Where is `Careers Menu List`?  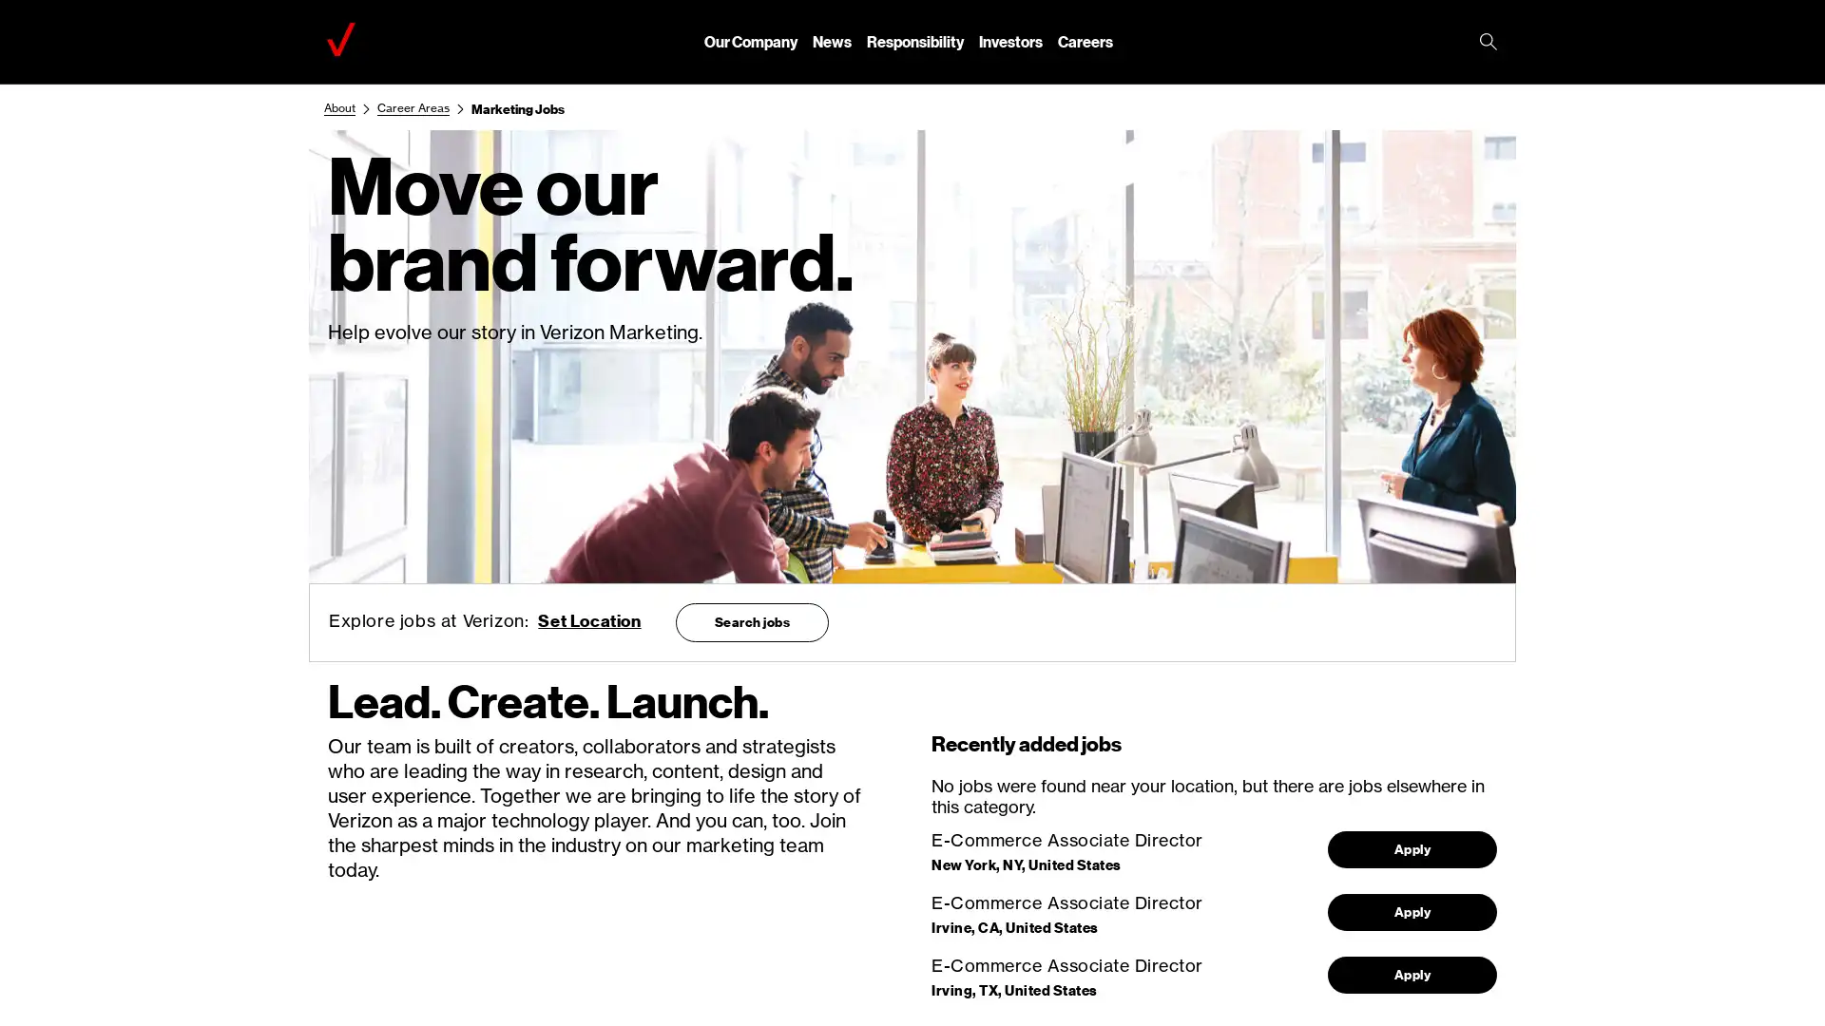 Careers Menu List is located at coordinates (1085, 41).